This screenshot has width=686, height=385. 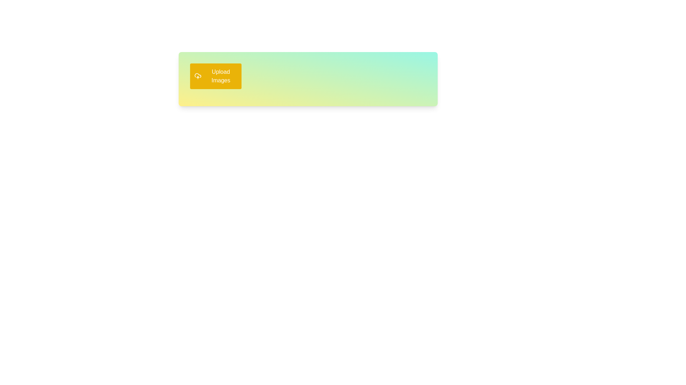 I want to click on the cloud icon with an upward arrow, which is outlined in white on a yellow background, to trigger the tooltip or feedback, so click(x=198, y=76).